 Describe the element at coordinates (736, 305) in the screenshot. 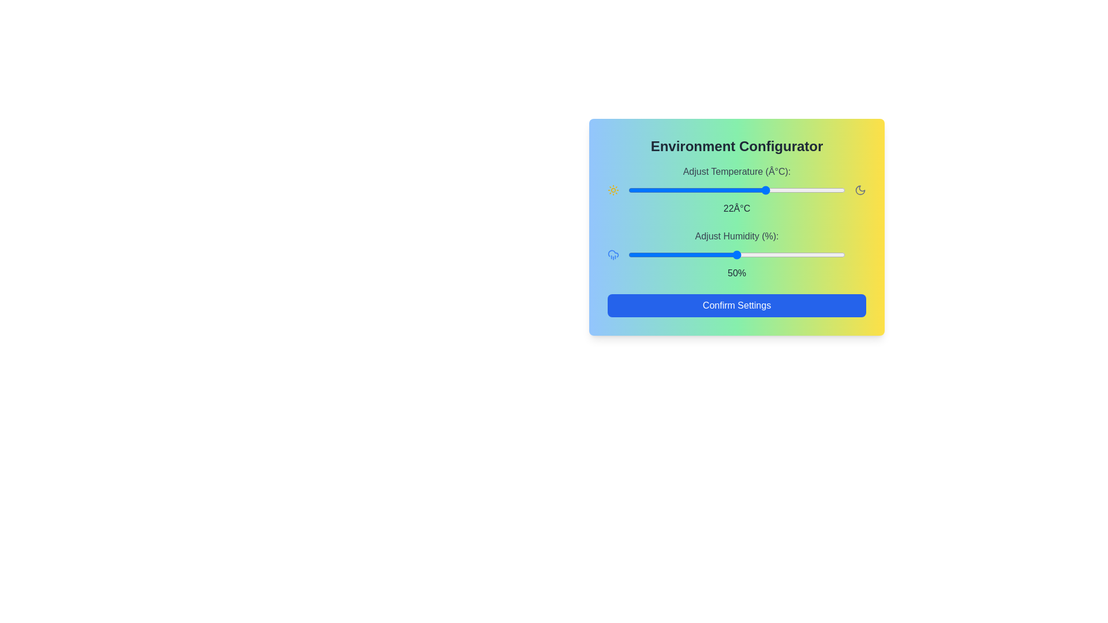

I see `'Confirm Settings' button to confirm the selected temperature and humidity settings` at that location.